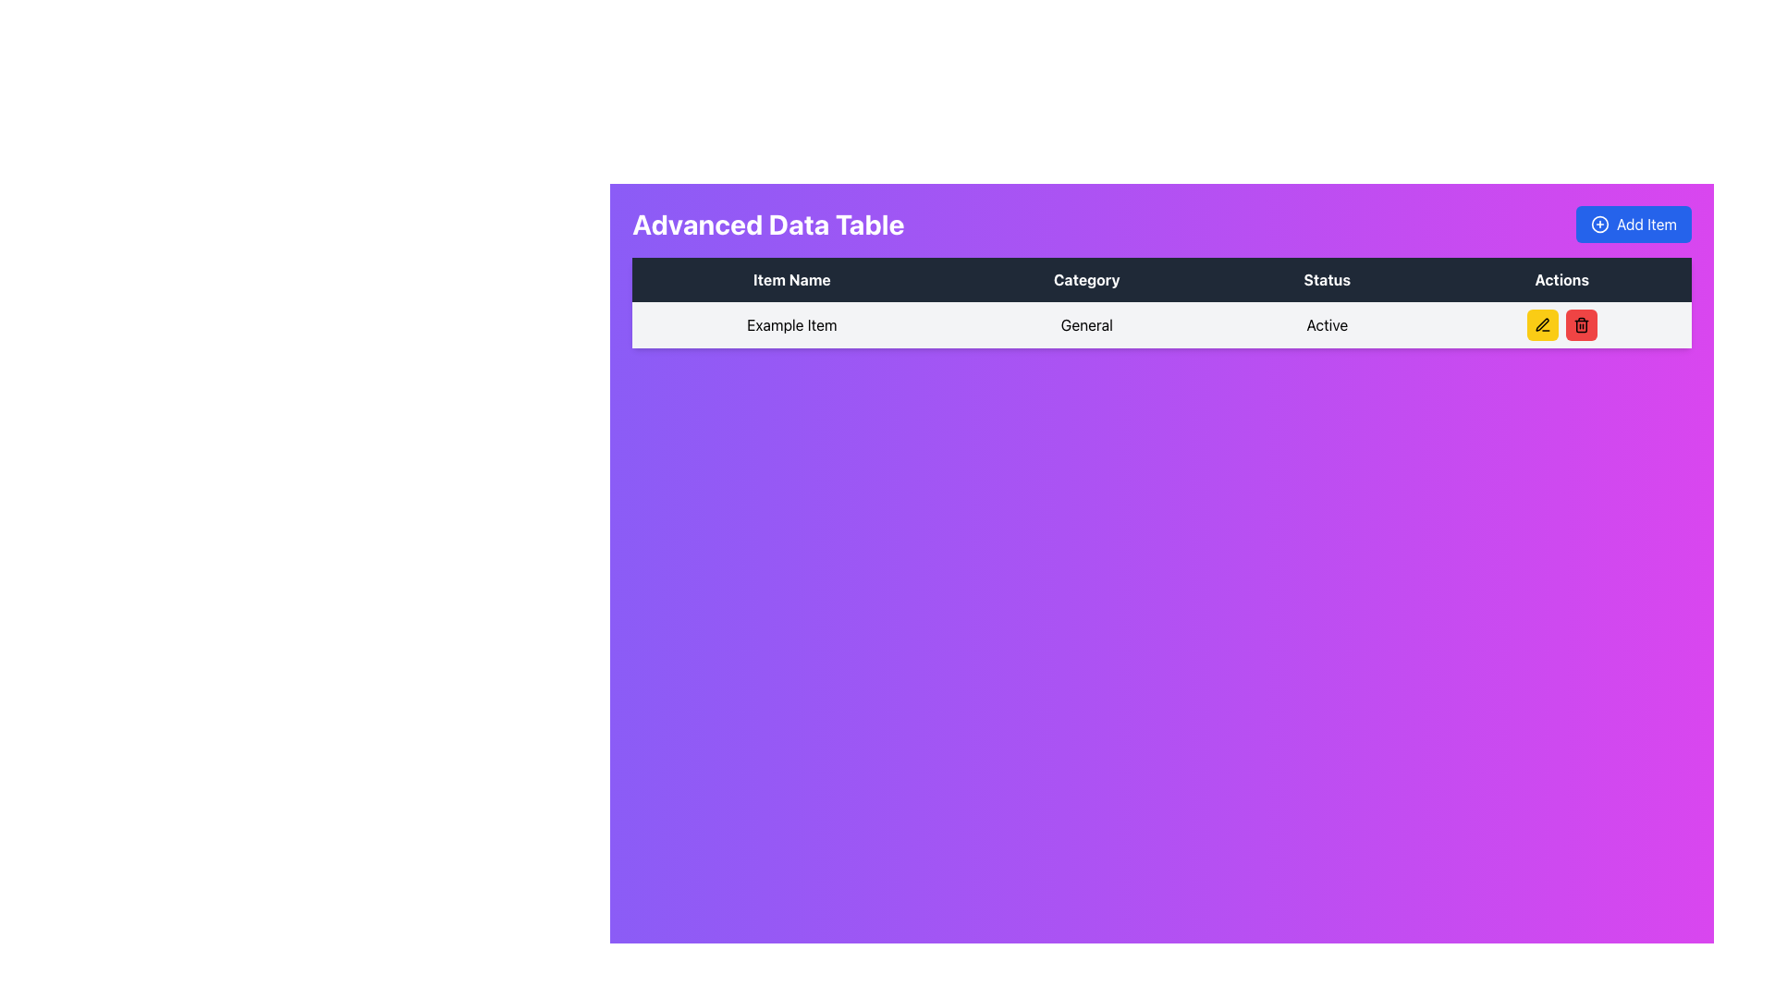 The height and width of the screenshot is (998, 1775). What do you see at coordinates (1646, 224) in the screenshot?
I see `text content of the label indicating the action button 'Add Item', which is positioned inside the button and located near the top-right corner of the interface` at bounding box center [1646, 224].